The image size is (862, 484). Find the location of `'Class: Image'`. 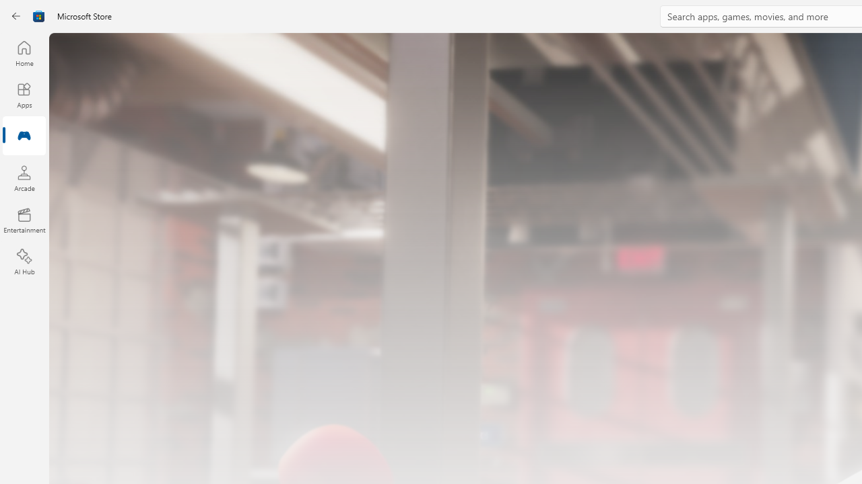

'Class: Image' is located at coordinates (39, 16).